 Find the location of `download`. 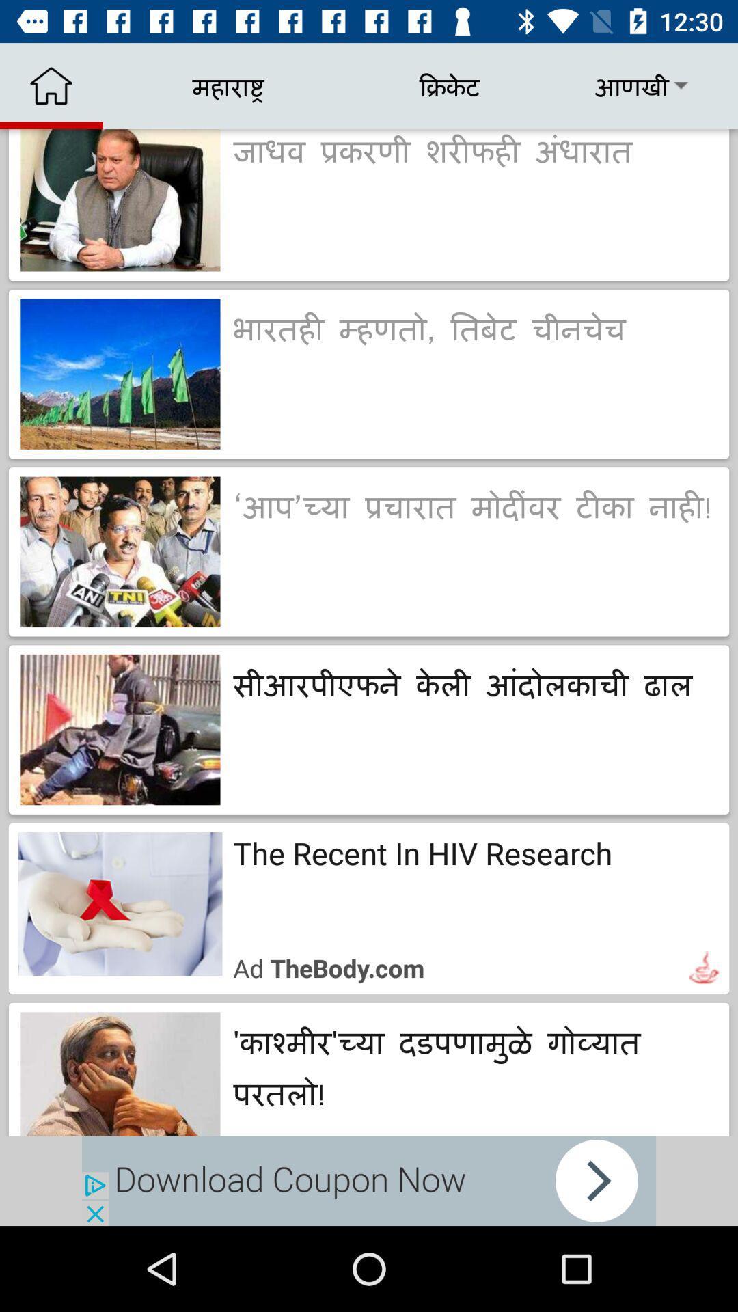

download is located at coordinates (369, 1180).